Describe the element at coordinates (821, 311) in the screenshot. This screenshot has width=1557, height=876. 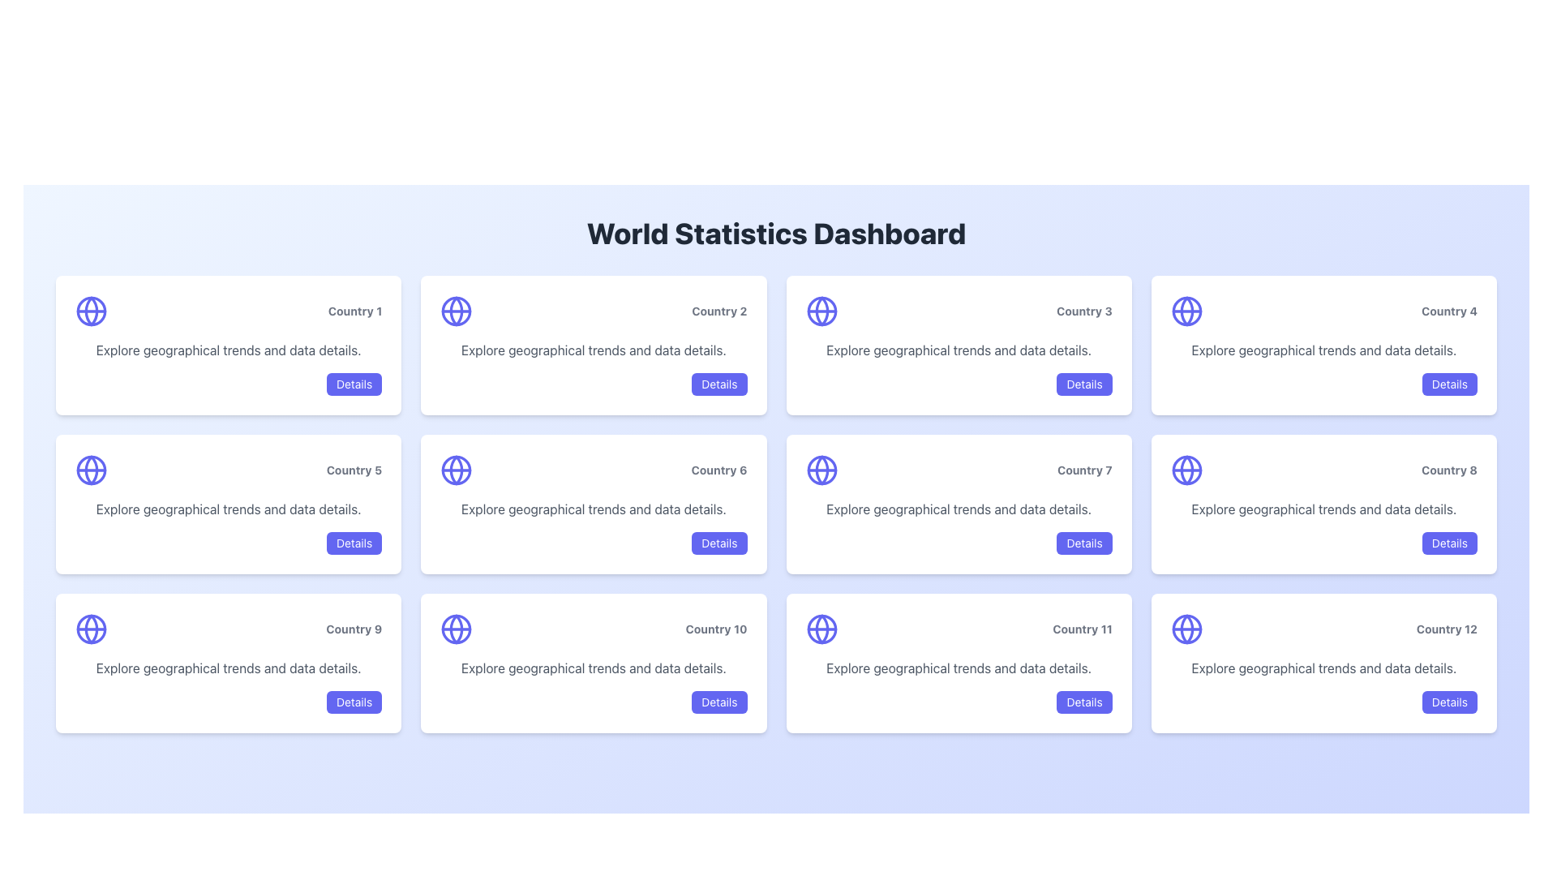
I see `the icon located at the top-left corner of the 'Country 3' card on the dashboard, which visually supplements the card's content` at that location.